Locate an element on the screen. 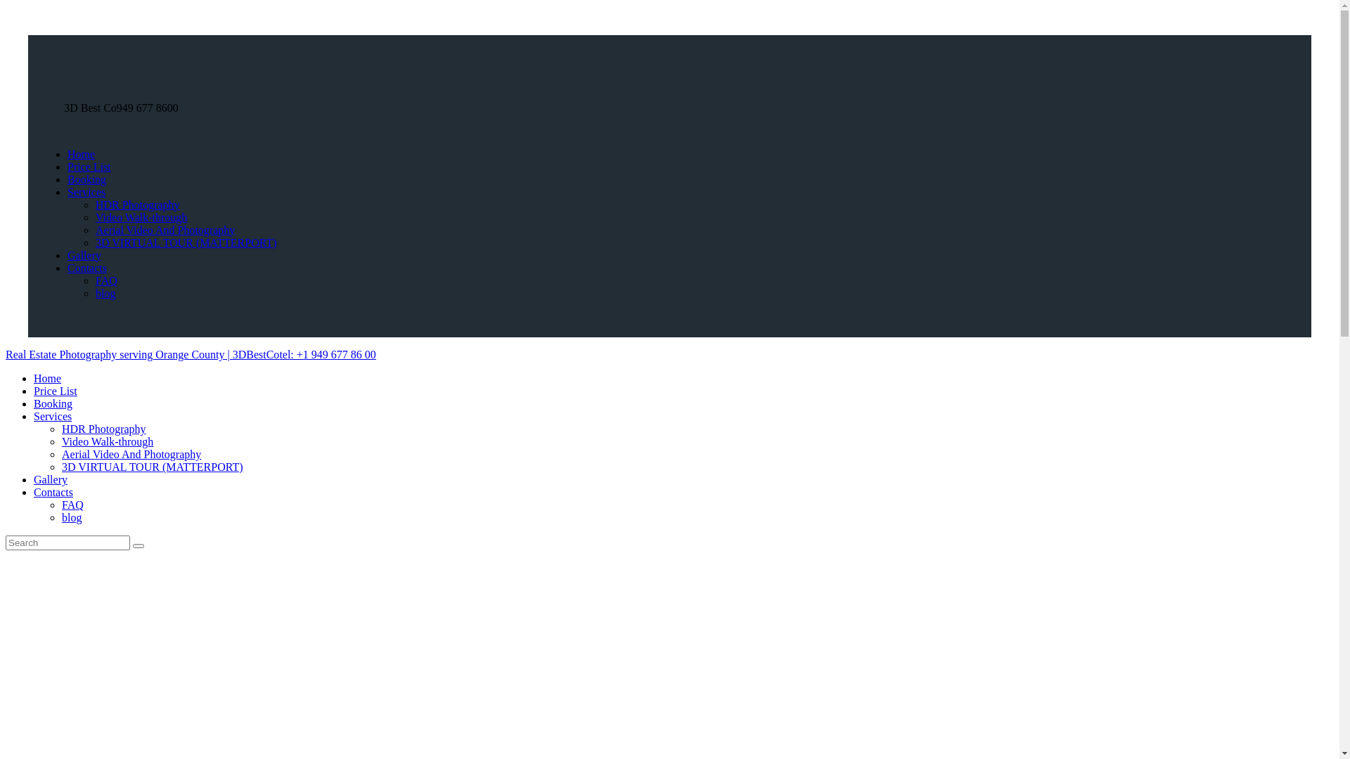 This screenshot has width=1350, height=759. 'blog' is located at coordinates (94, 292).